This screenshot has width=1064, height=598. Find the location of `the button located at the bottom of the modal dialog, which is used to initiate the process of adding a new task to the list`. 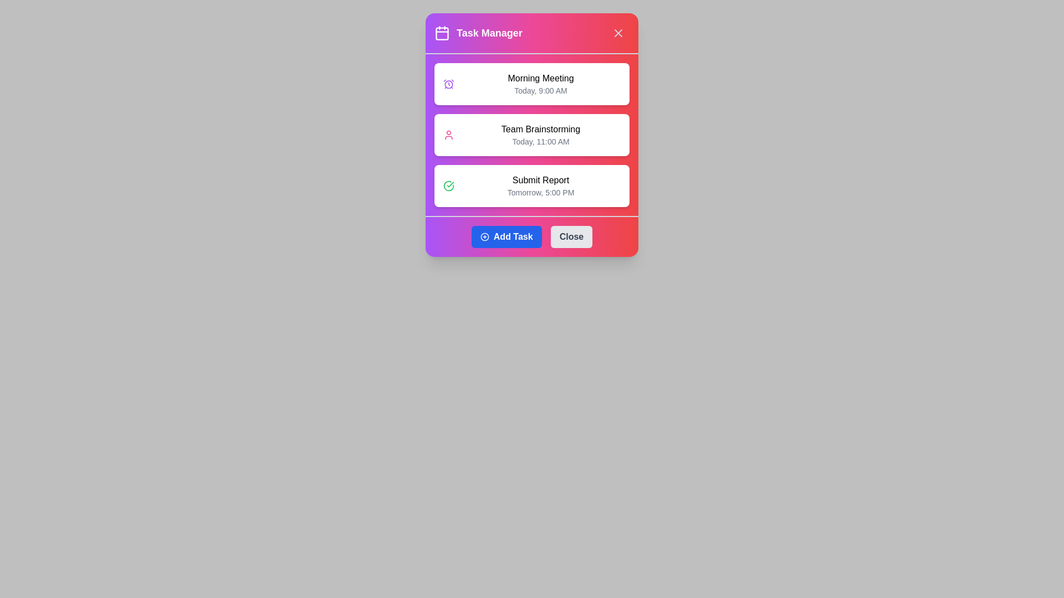

the button located at the bottom of the modal dialog, which is used to initiate the process of adding a new task to the list is located at coordinates (513, 236).